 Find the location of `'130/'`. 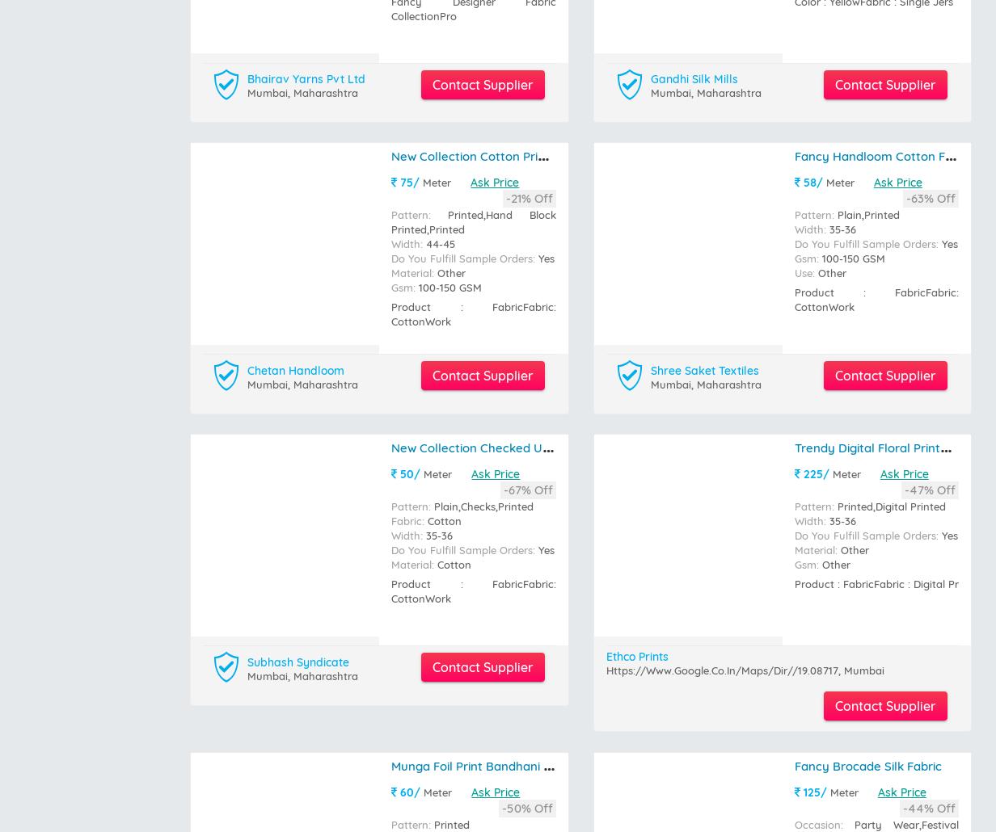

'130/' is located at coordinates (396, 416).